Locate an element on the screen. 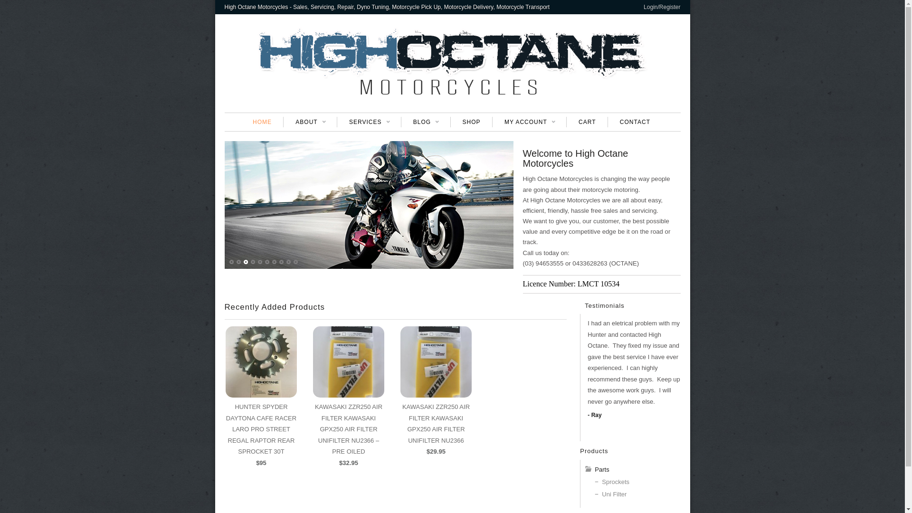 Image resolution: width=912 pixels, height=513 pixels. '4' is located at coordinates (253, 262).